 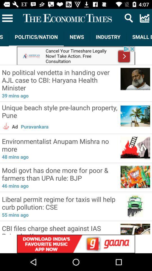 What do you see at coordinates (135, 176) in the screenshot?
I see `the fifth image from top` at bounding box center [135, 176].